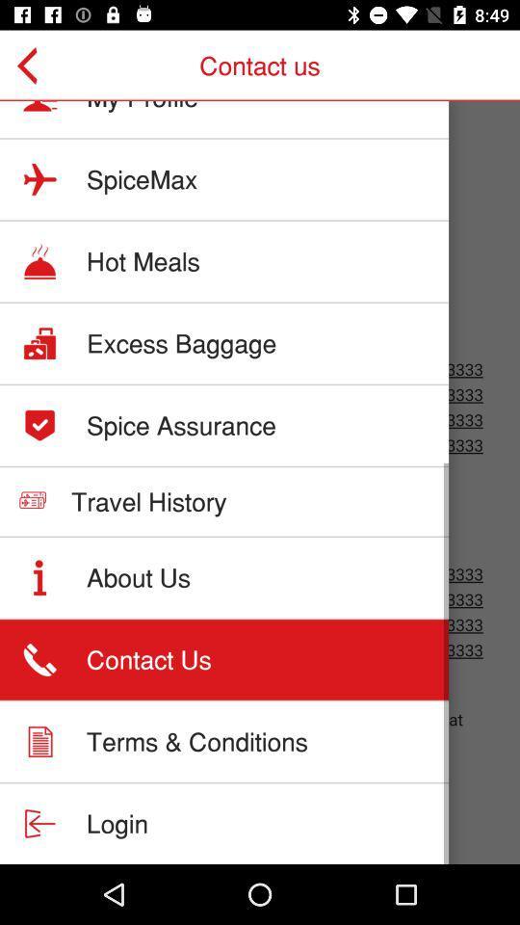 This screenshot has height=925, width=520. I want to click on the item above excess baggage, so click(142, 260).